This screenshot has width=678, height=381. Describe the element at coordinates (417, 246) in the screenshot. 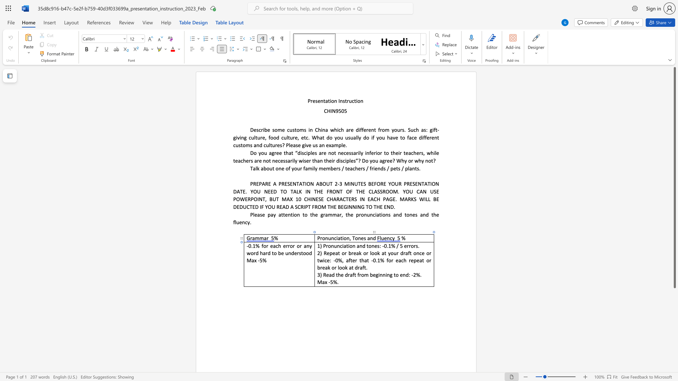

I see `the 2th character "s" in the text` at that location.